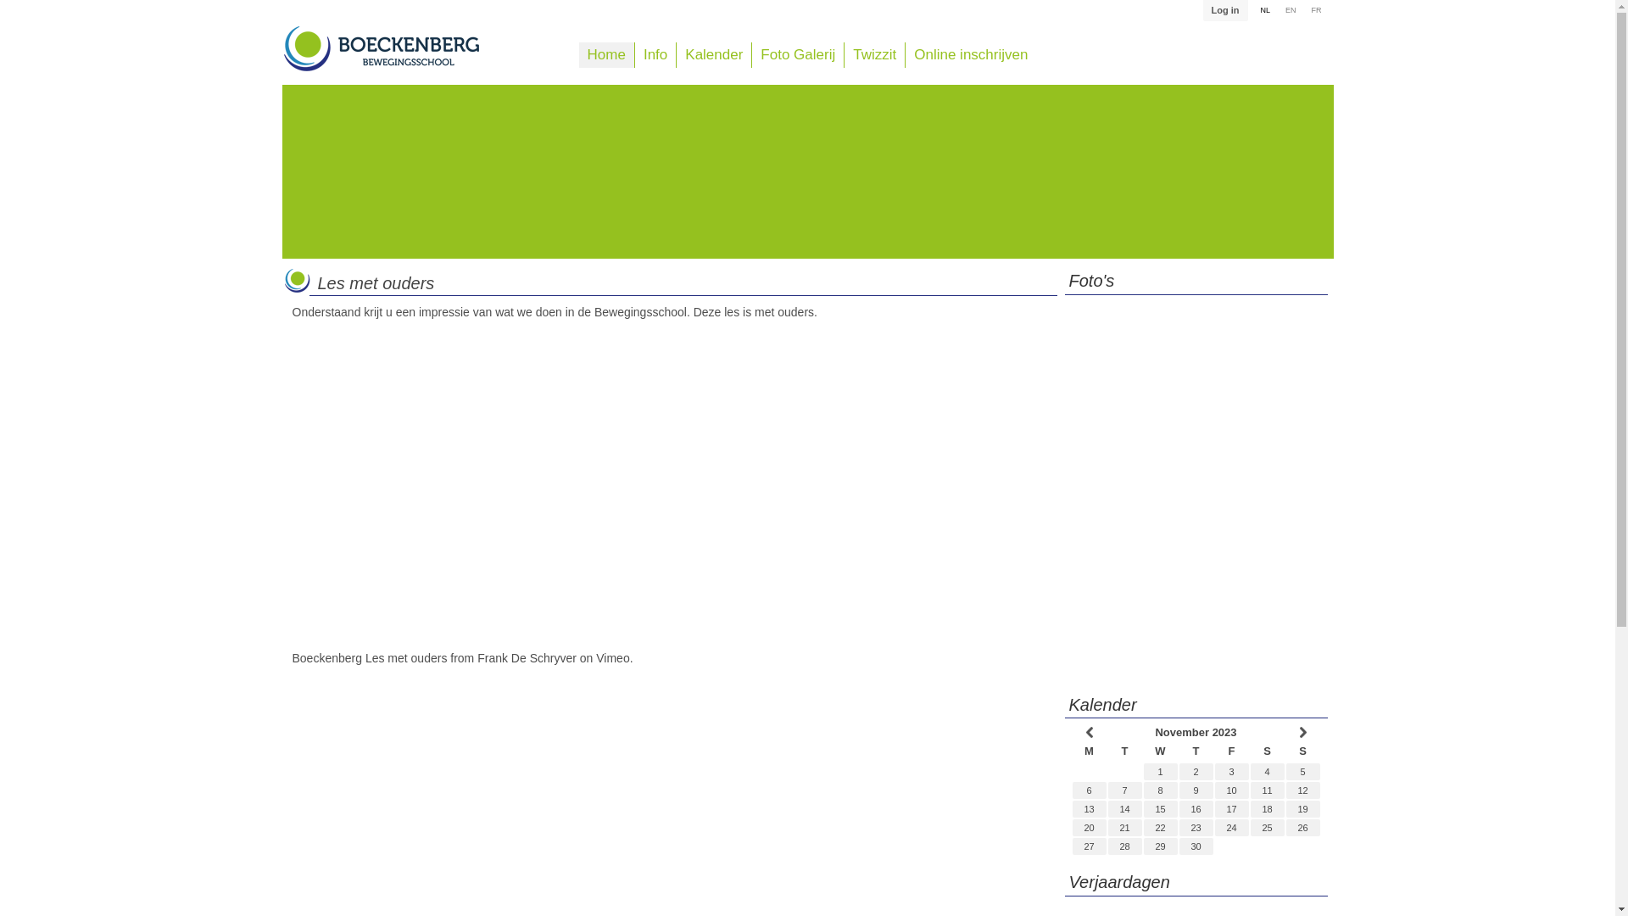 The height and width of the screenshot is (916, 1628). What do you see at coordinates (1316, 10) in the screenshot?
I see `'FR'` at bounding box center [1316, 10].